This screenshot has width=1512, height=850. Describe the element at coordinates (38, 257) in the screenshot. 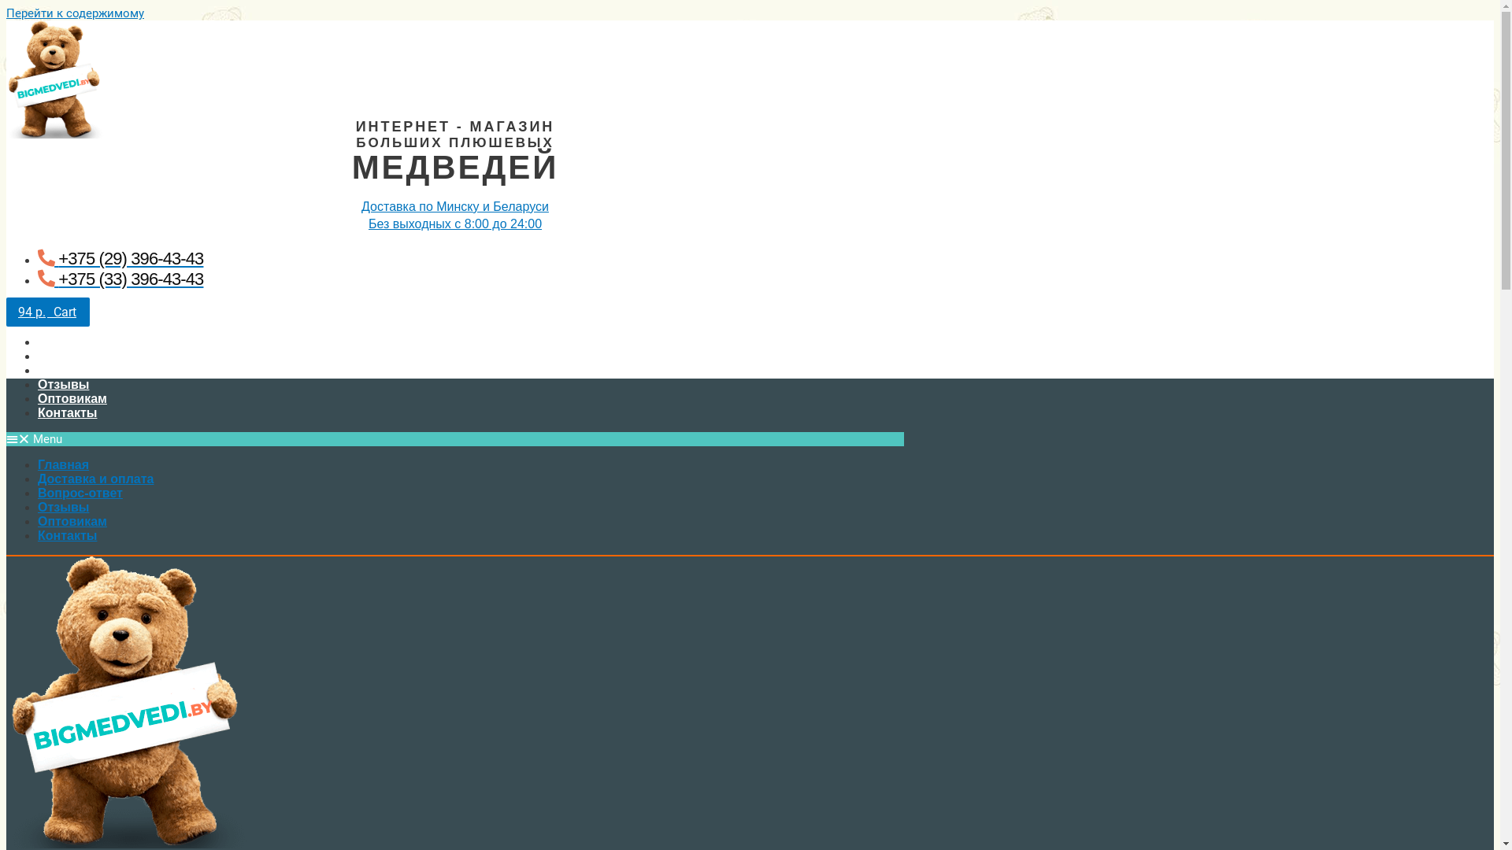

I see `'+375 (29) 396-43-43'` at that location.